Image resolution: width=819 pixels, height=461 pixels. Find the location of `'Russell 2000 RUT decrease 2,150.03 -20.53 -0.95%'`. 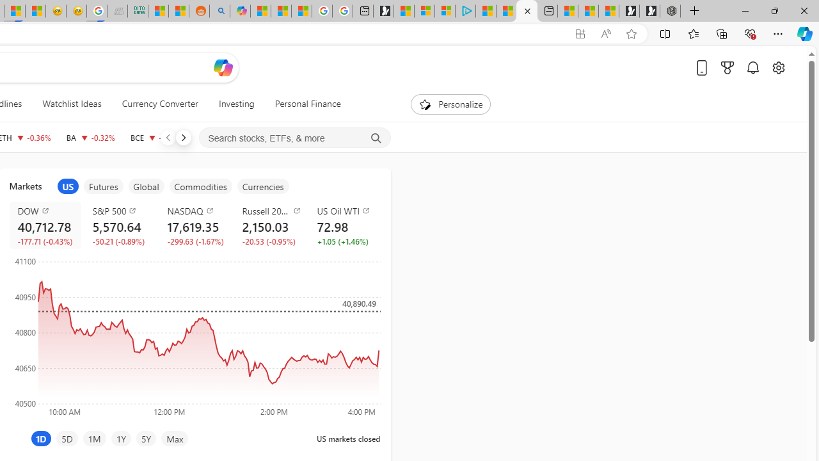

'Russell 2000 RUT decrease 2,150.03 -20.53 -0.95%' is located at coordinates (269, 225).